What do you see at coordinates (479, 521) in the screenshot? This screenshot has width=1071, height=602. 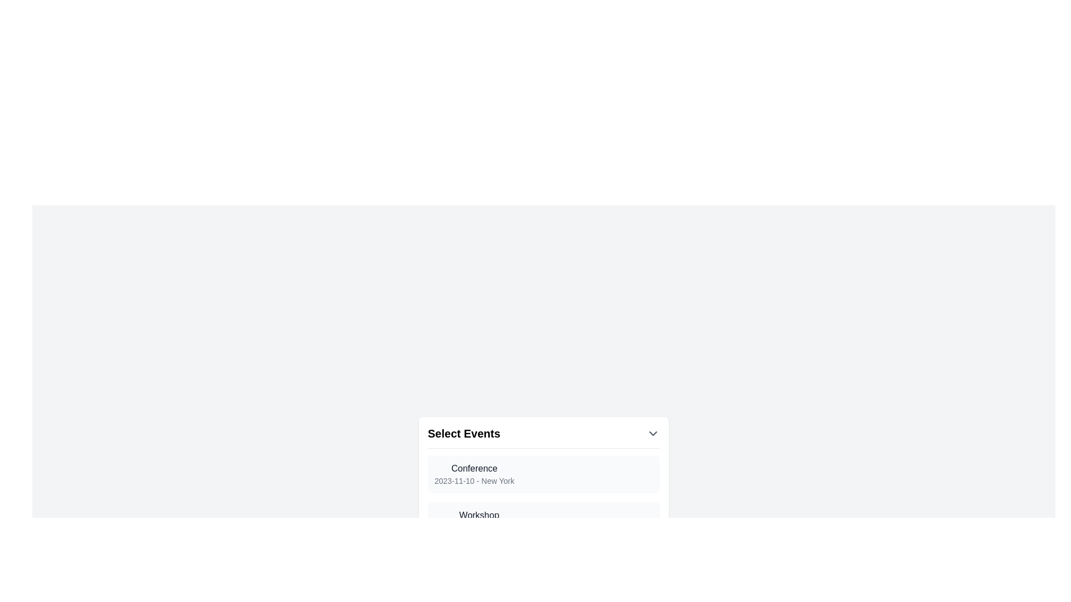 I see `the two-line labeled text item displaying 'Workshop2023-11-15 - Los Angeles', which is styled with 'Workshop' in black and the details in smaller gray font, located below 'Select Events'` at bounding box center [479, 521].